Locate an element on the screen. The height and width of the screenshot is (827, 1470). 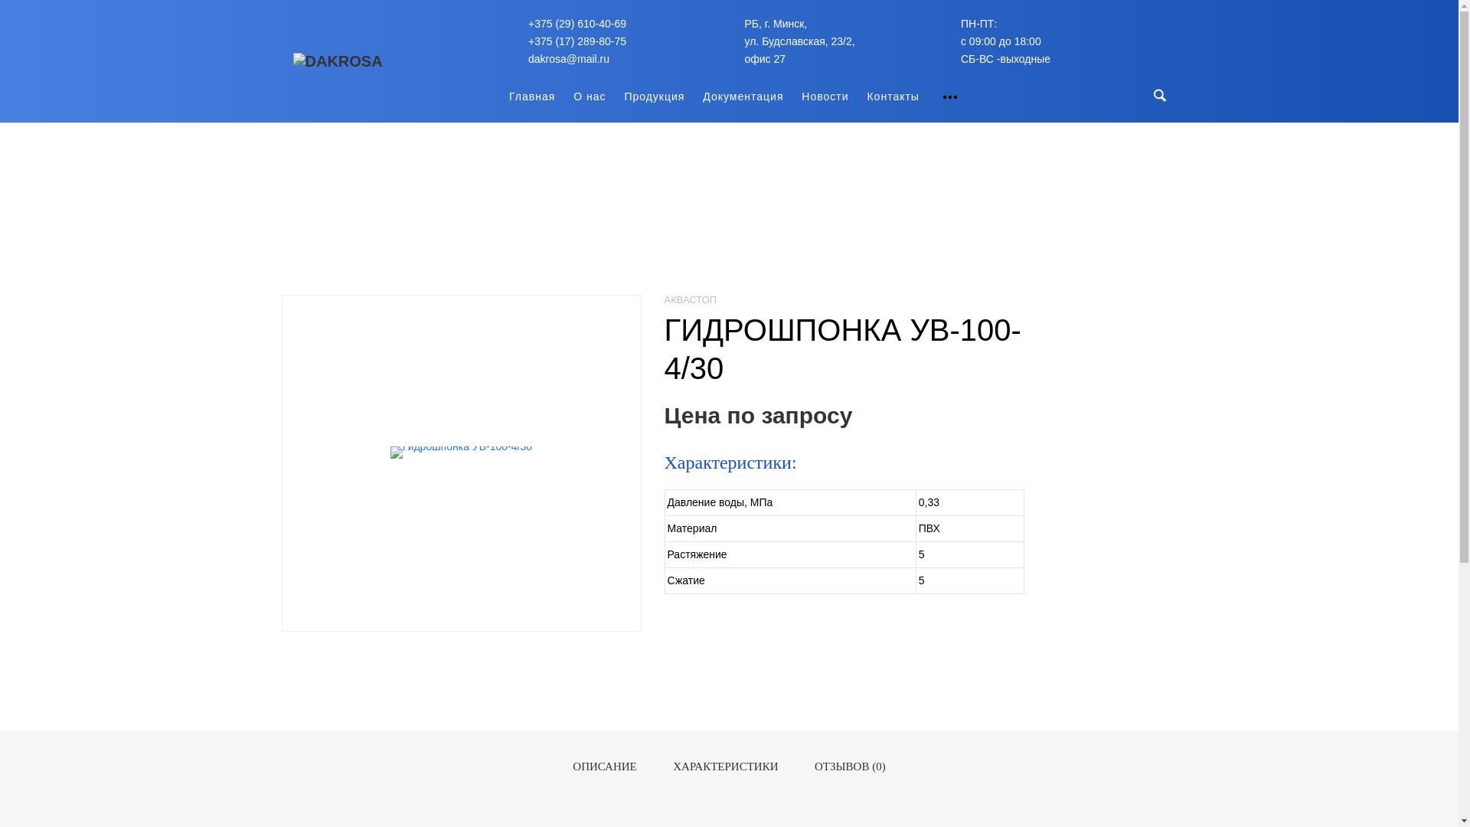
'dakrosa' is located at coordinates (336, 60).